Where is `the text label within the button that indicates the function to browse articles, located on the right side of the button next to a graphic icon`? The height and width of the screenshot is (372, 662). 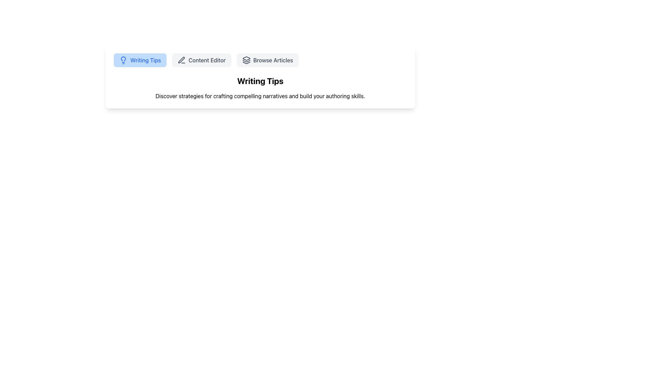 the text label within the button that indicates the function to browse articles, located on the right side of the button next to a graphic icon is located at coordinates (273, 60).